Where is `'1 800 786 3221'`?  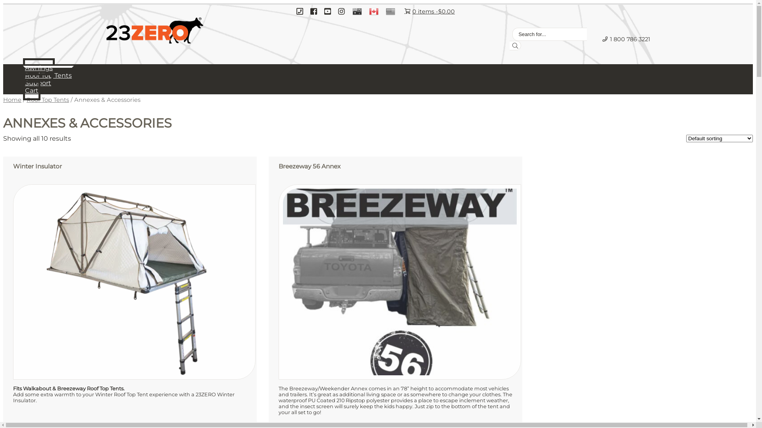
'1 800 786 3221' is located at coordinates (596, 39).